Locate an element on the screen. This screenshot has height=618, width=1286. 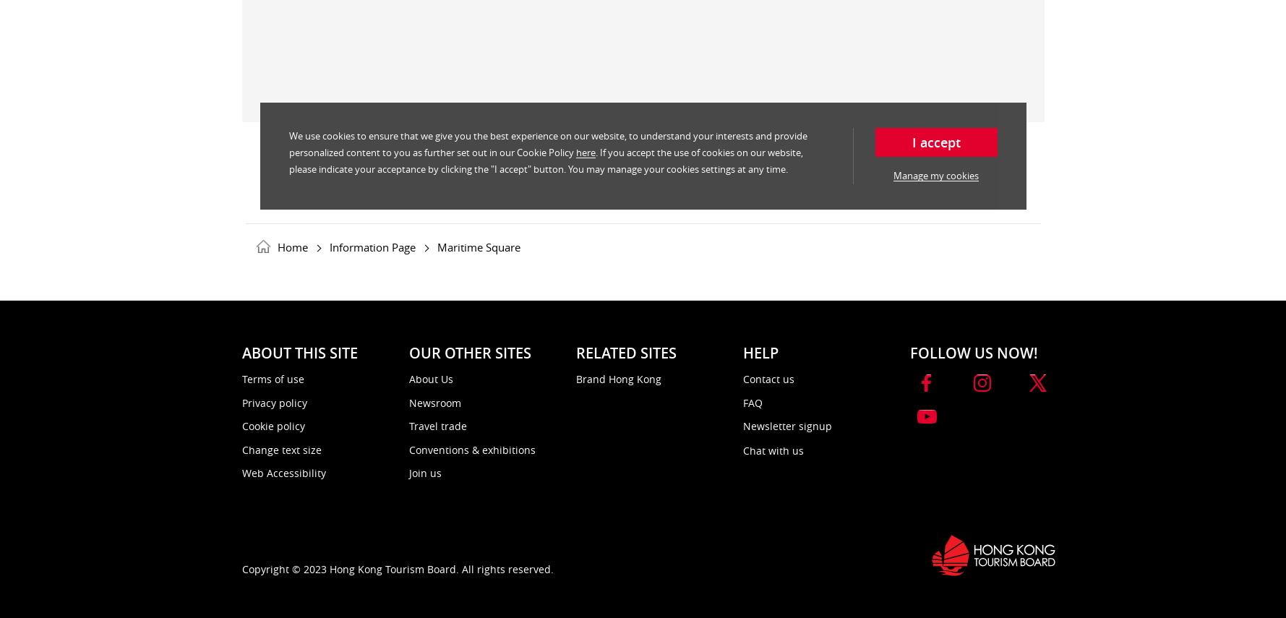
'FAQ' is located at coordinates (751, 402).